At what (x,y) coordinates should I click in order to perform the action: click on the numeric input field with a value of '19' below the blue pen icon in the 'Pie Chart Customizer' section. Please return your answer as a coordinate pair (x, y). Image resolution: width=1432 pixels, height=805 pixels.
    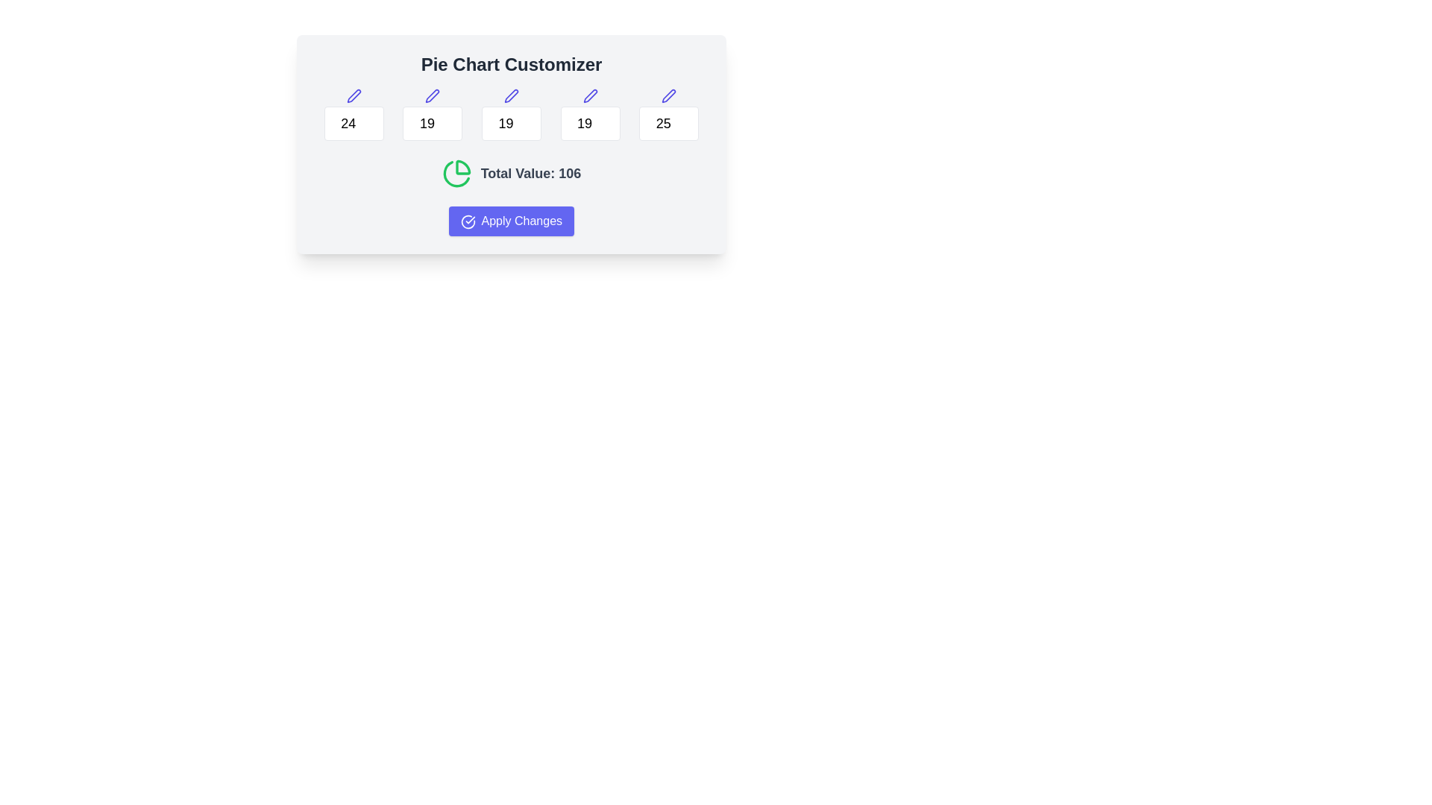
    Looking at the image, I should click on (432, 114).